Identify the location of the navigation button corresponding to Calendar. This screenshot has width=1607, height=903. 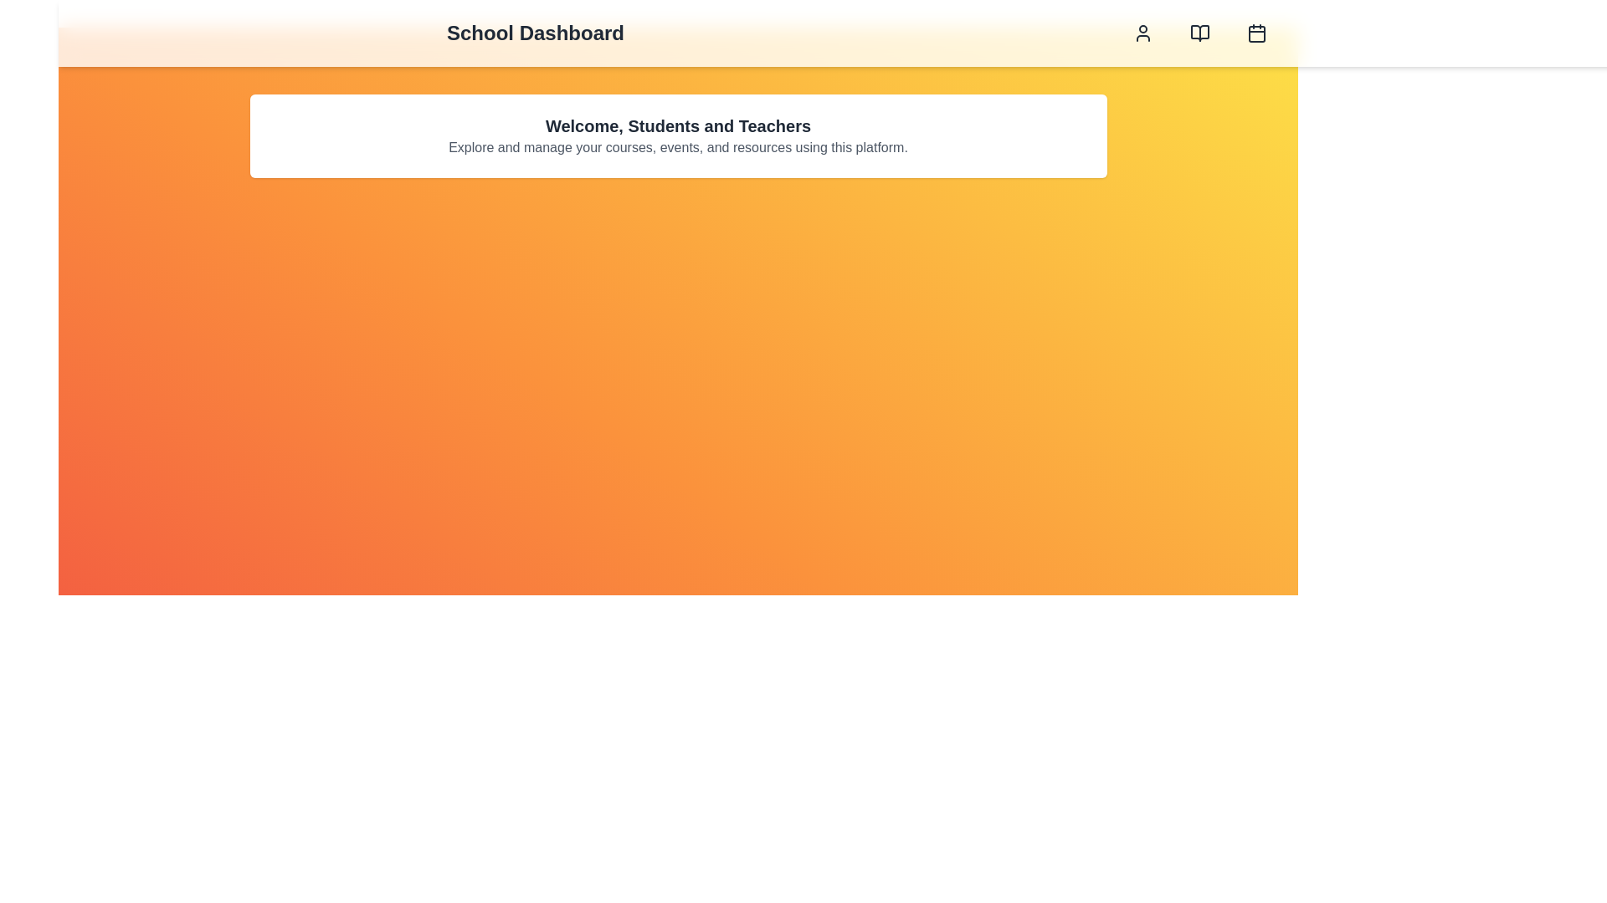
(1257, 33).